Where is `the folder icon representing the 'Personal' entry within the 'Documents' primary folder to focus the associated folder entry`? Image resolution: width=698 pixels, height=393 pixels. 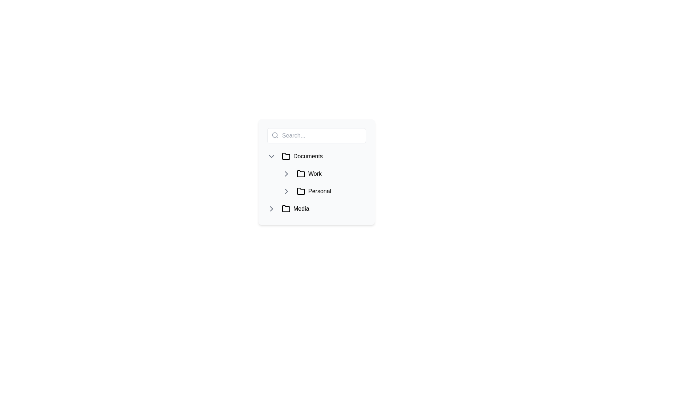
the folder icon representing the 'Personal' entry within the 'Documents' primary folder to focus the associated folder entry is located at coordinates (301, 190).